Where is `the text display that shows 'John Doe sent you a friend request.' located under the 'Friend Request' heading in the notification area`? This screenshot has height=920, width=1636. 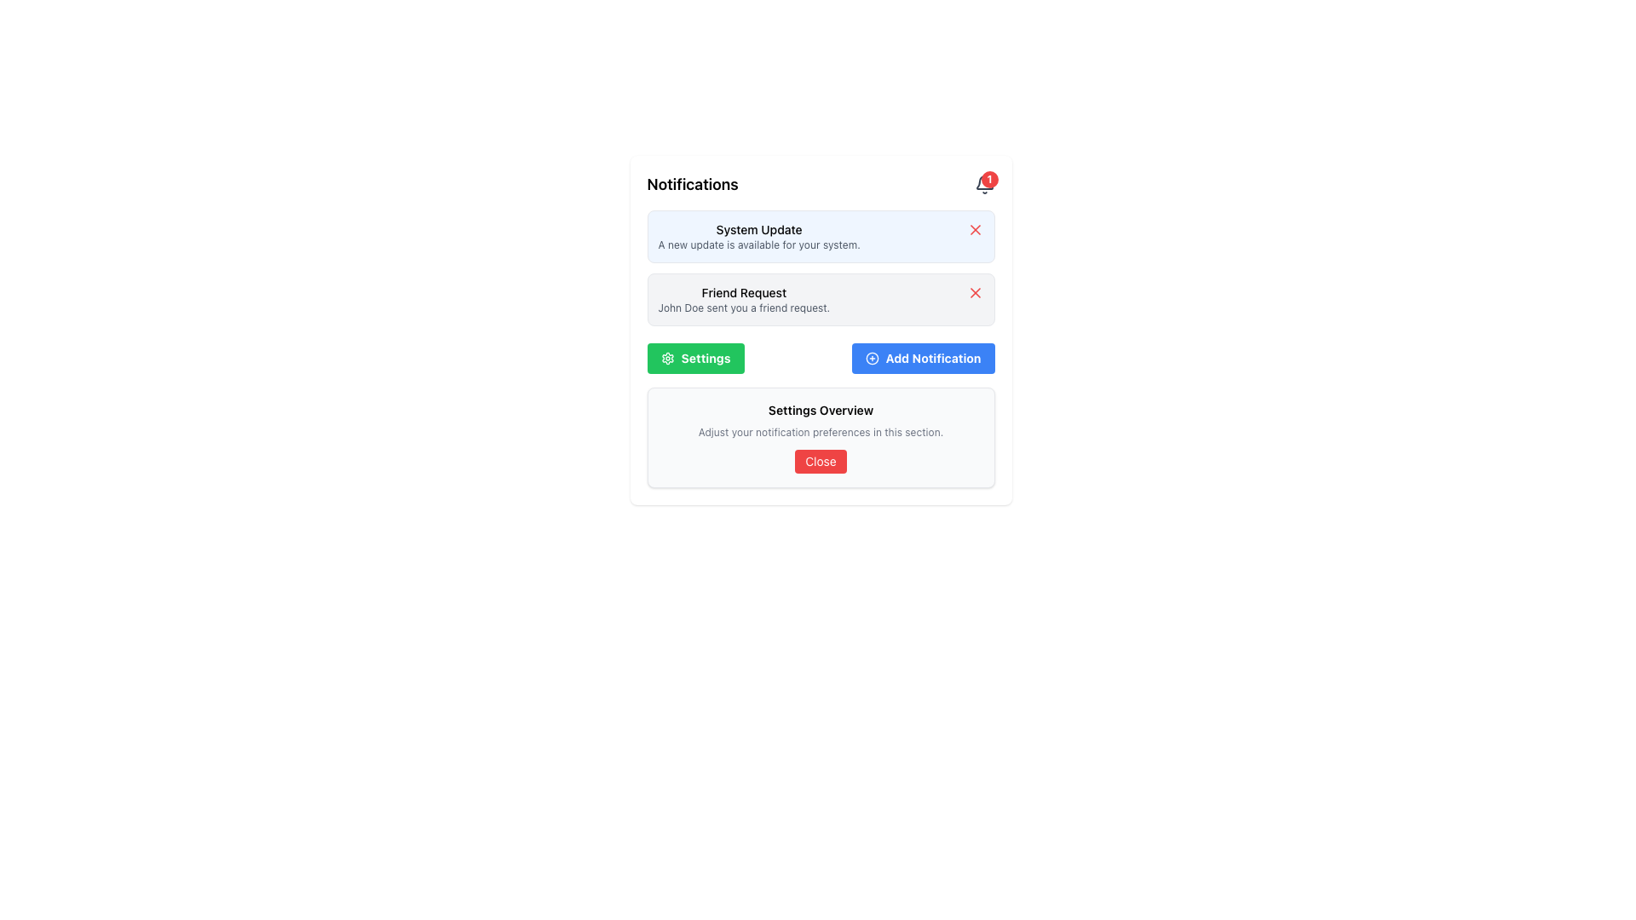
the text display that shows 'John Doe sent you a friend request.' located under the 'Friend Request' heading in the notification area is located at coordinates (744, 308).